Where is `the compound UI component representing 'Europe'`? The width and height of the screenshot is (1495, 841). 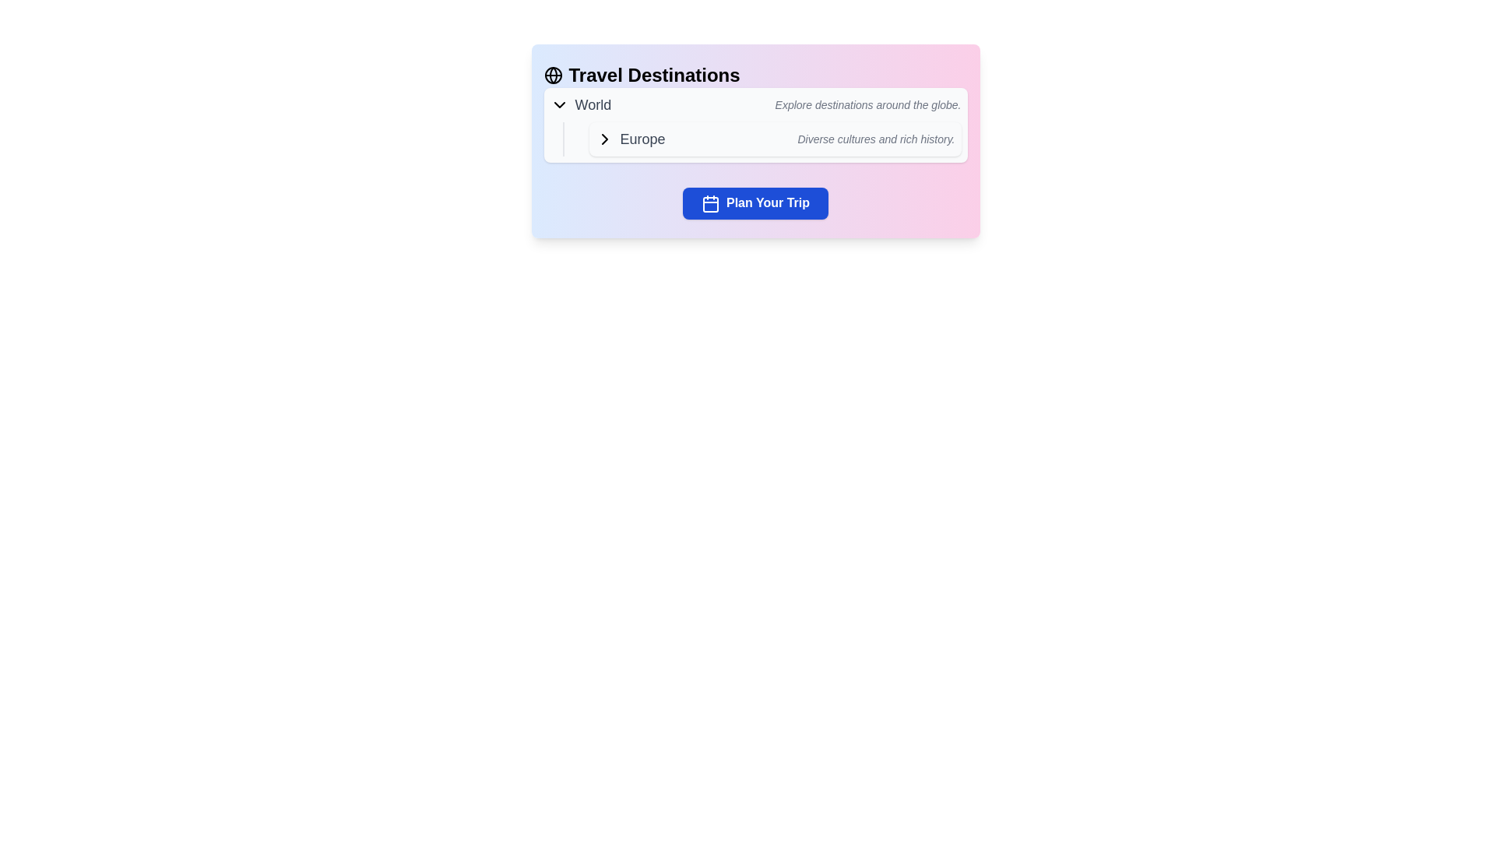 the compound UI component representing 'Europe' is located at coordinates (769, 138).